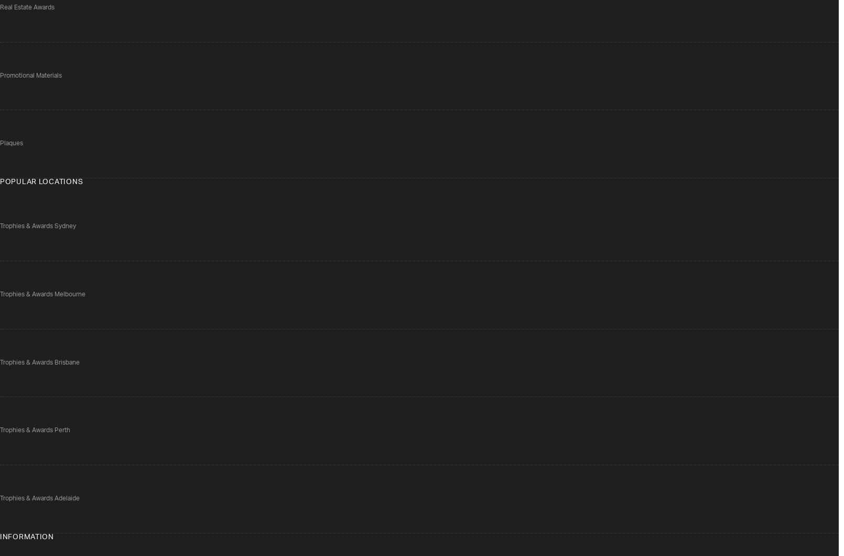 The image size is (844, 556). What do you see at coordinates (41, 182) in the screenshot?
I see `'Popular Locations'` at bounding box center [41, 182].